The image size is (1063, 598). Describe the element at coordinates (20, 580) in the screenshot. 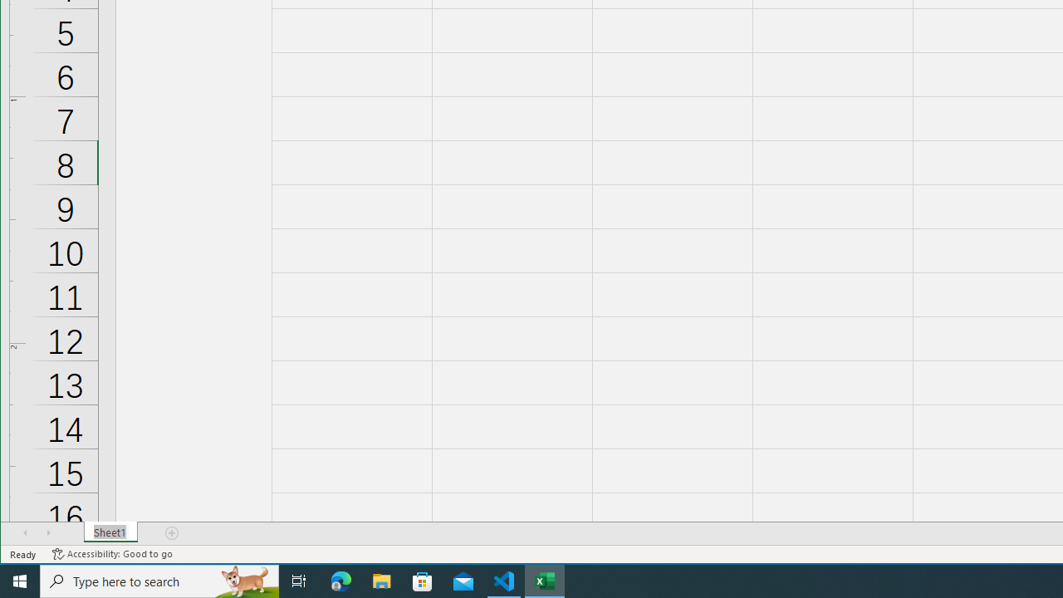

I see `'Start'` at that location.